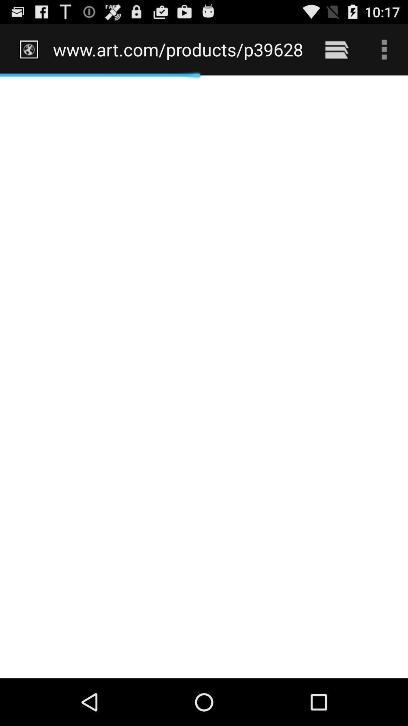 The image size is (408, 726). Describe the element at coordinates (204, 377) in the screenshot. I see `icon below the www art com` at that location.